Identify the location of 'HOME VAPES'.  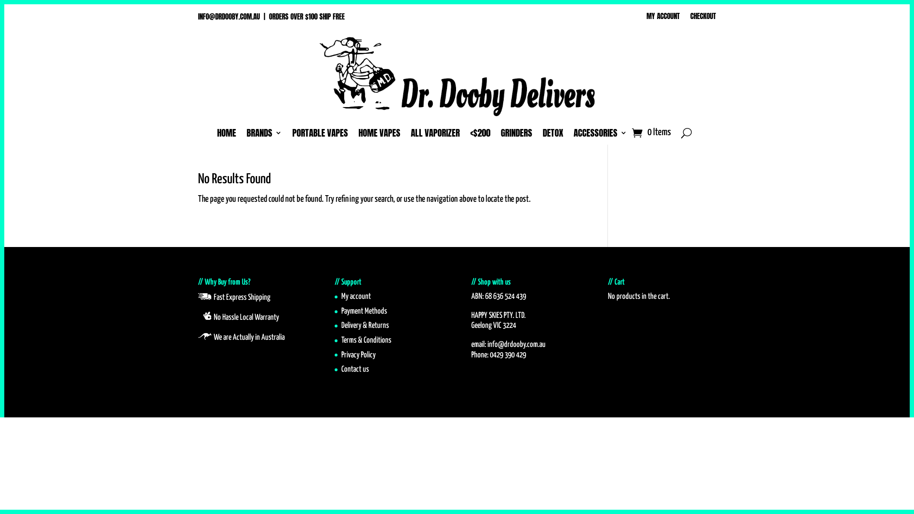
(378, 134).